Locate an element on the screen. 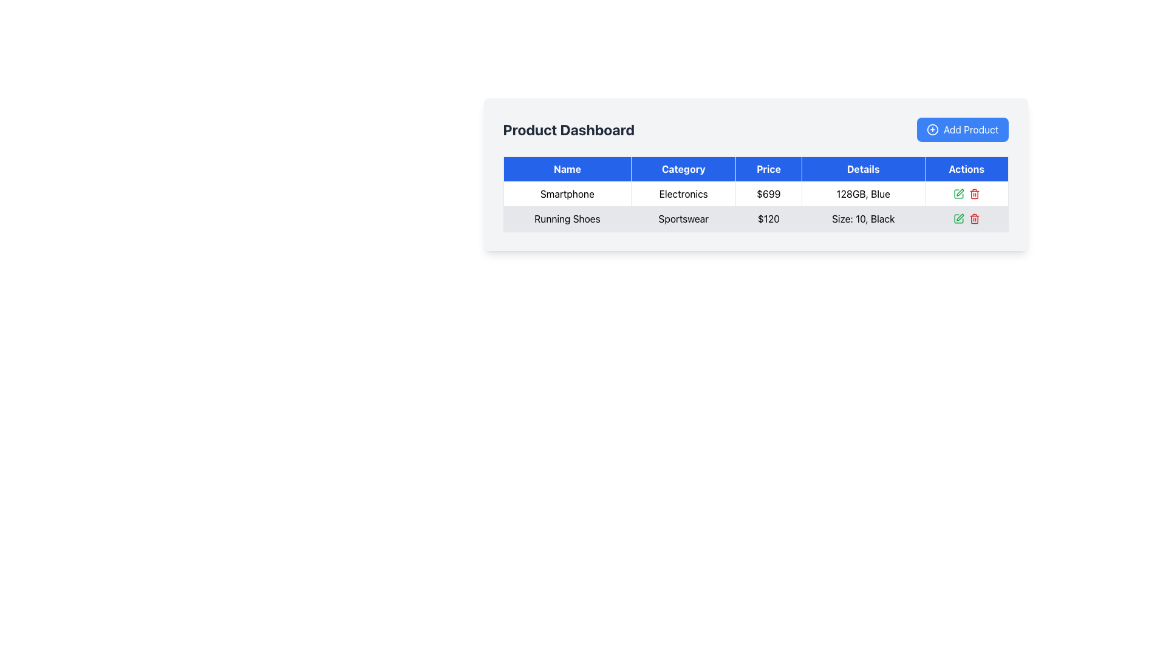 Image resolution: width=1166 pixels, height=655 pixels. the delete button located in the first row of the table under the 'Actions' column, to the right of the green edit icon is located at coordinates (974, 193).